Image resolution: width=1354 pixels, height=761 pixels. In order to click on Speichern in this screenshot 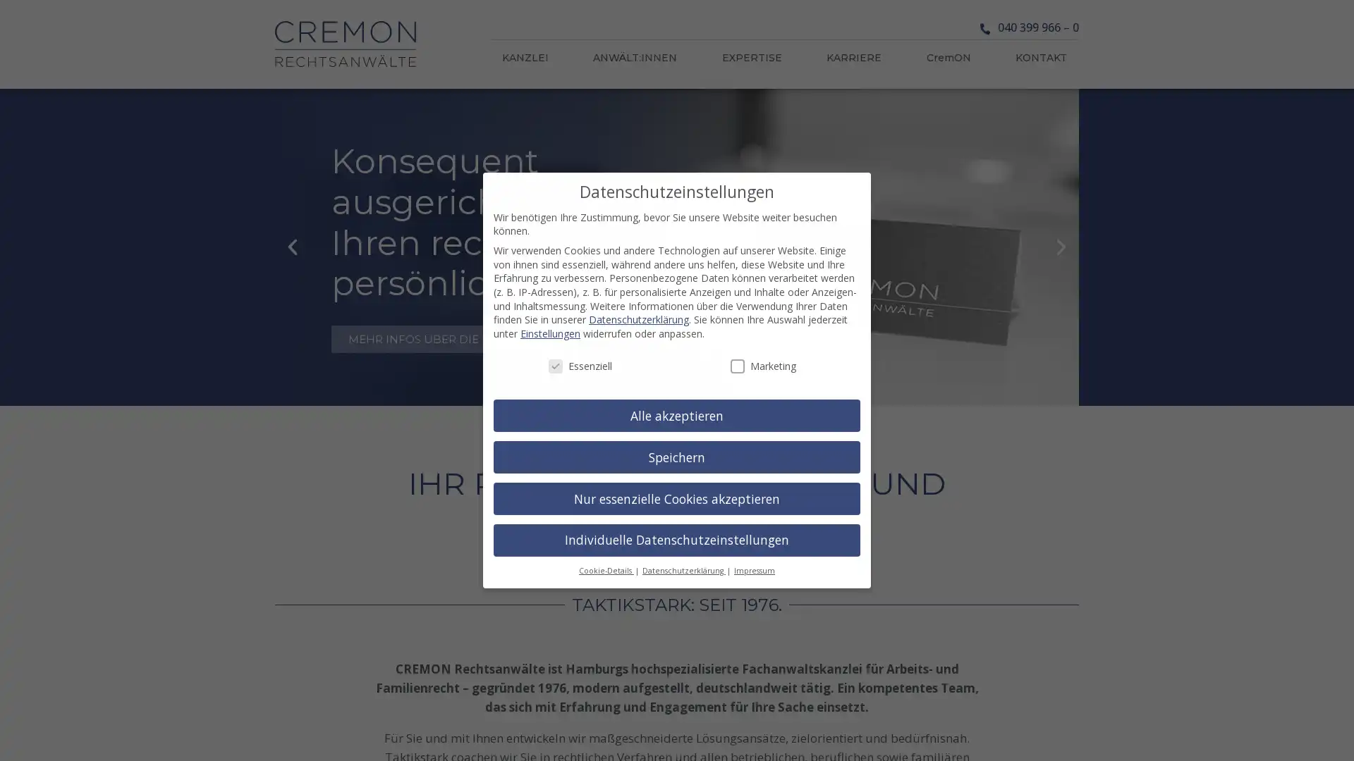, I will do `click(677, 457)`.